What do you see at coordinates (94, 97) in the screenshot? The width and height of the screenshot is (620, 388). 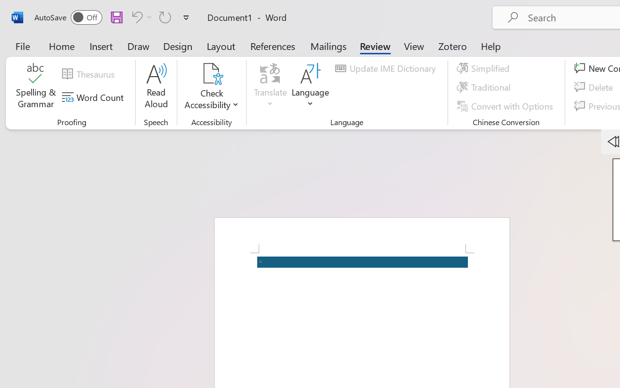 I see `'Word Count'` at bounding box center [94, 97].